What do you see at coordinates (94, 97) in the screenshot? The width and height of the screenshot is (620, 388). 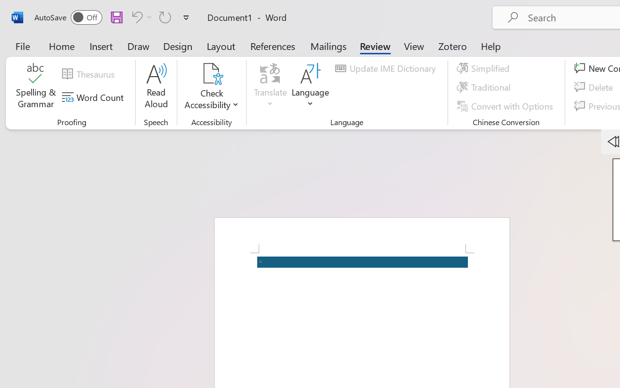 I see `'Word Count'` at bounding box center [94, 97].